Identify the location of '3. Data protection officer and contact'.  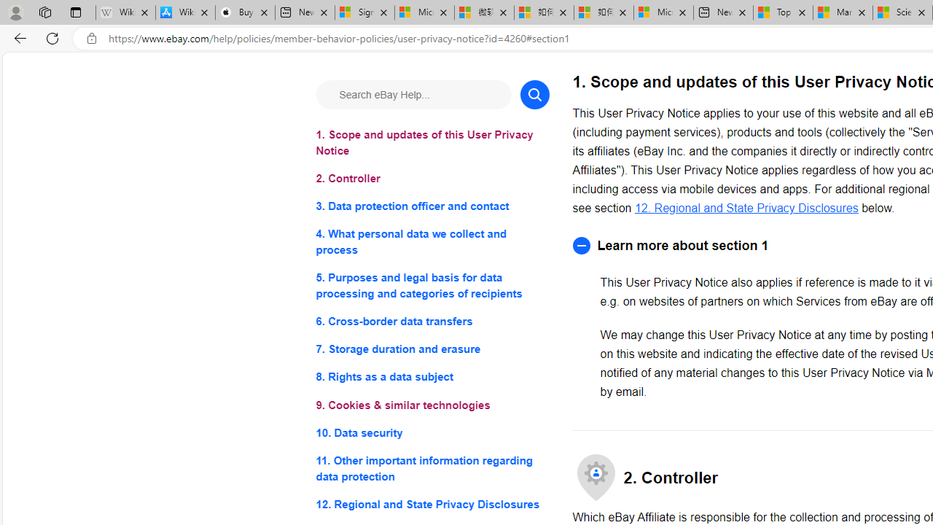
(432, 206).